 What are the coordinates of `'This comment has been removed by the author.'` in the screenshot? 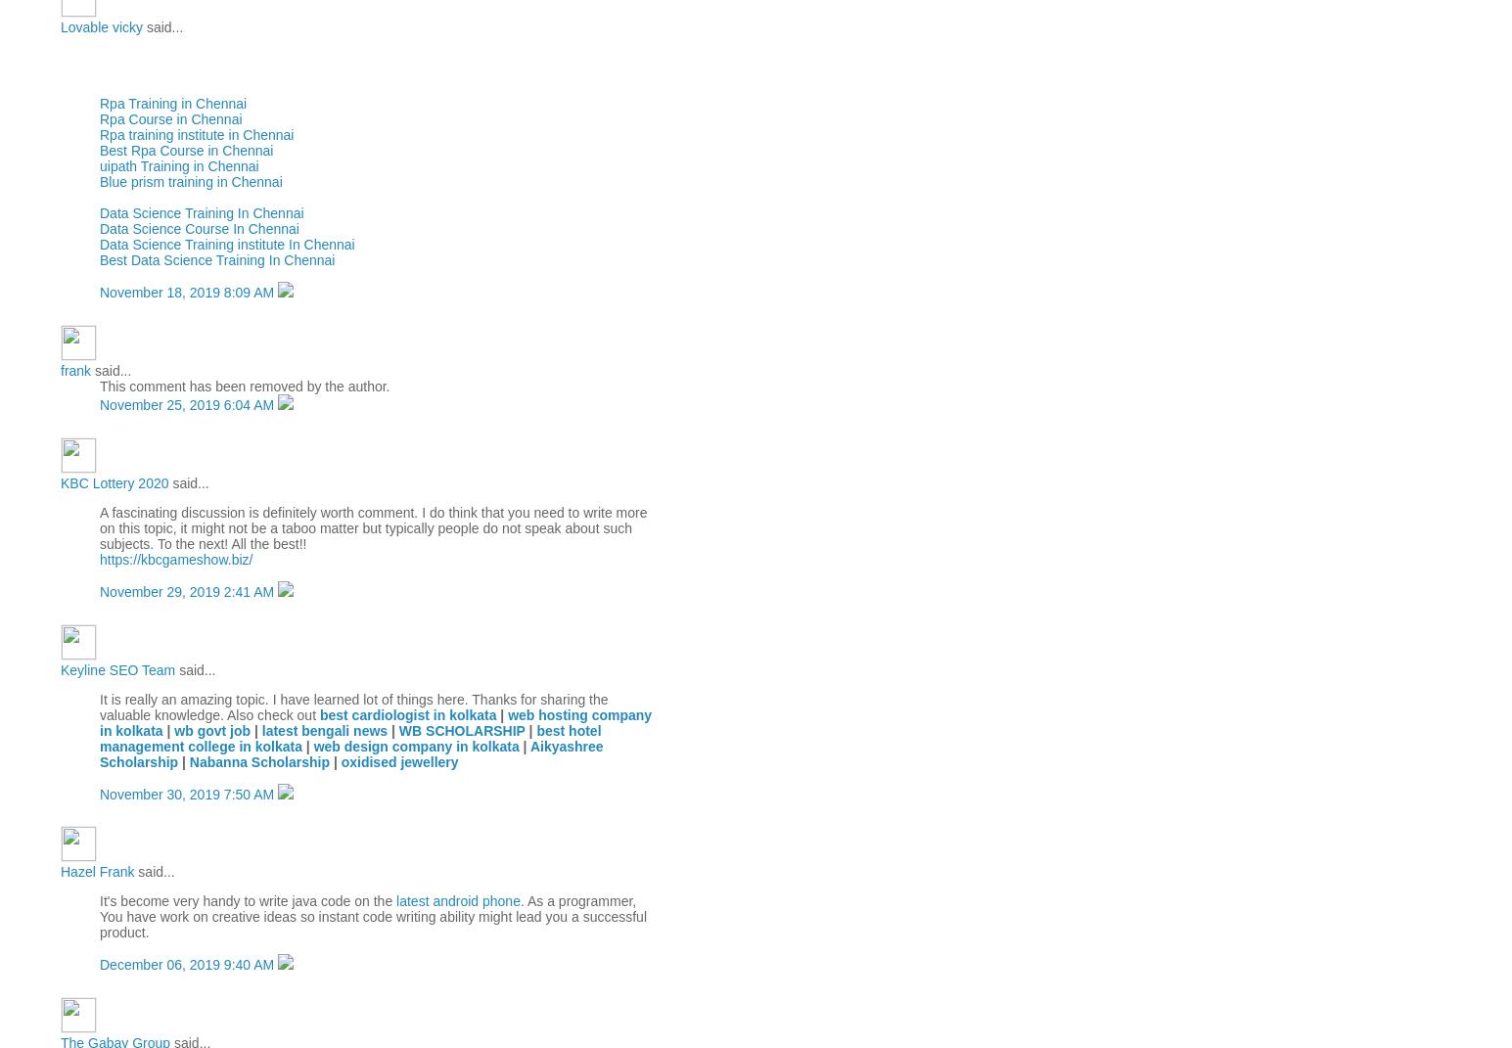 It's located at (244, 386).